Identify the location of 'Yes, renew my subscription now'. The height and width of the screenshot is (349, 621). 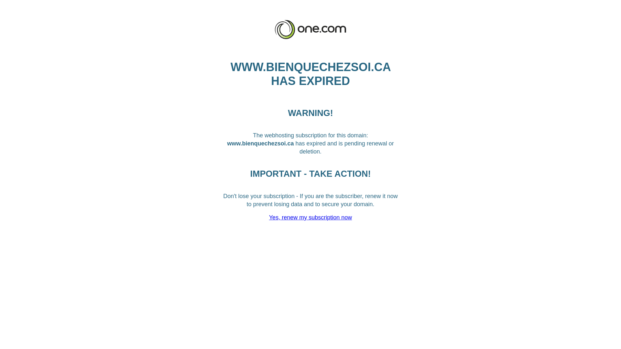
(310, 217).